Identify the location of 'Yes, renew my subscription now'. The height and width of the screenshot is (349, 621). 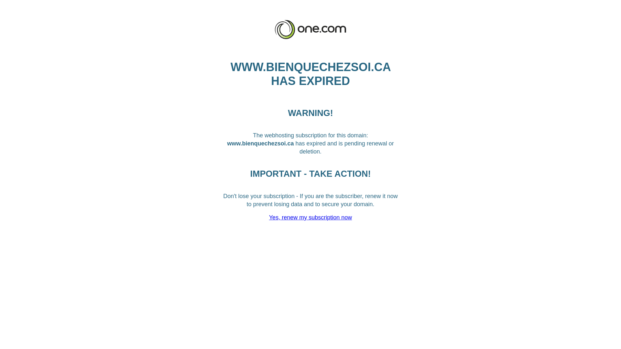
(310, 217).